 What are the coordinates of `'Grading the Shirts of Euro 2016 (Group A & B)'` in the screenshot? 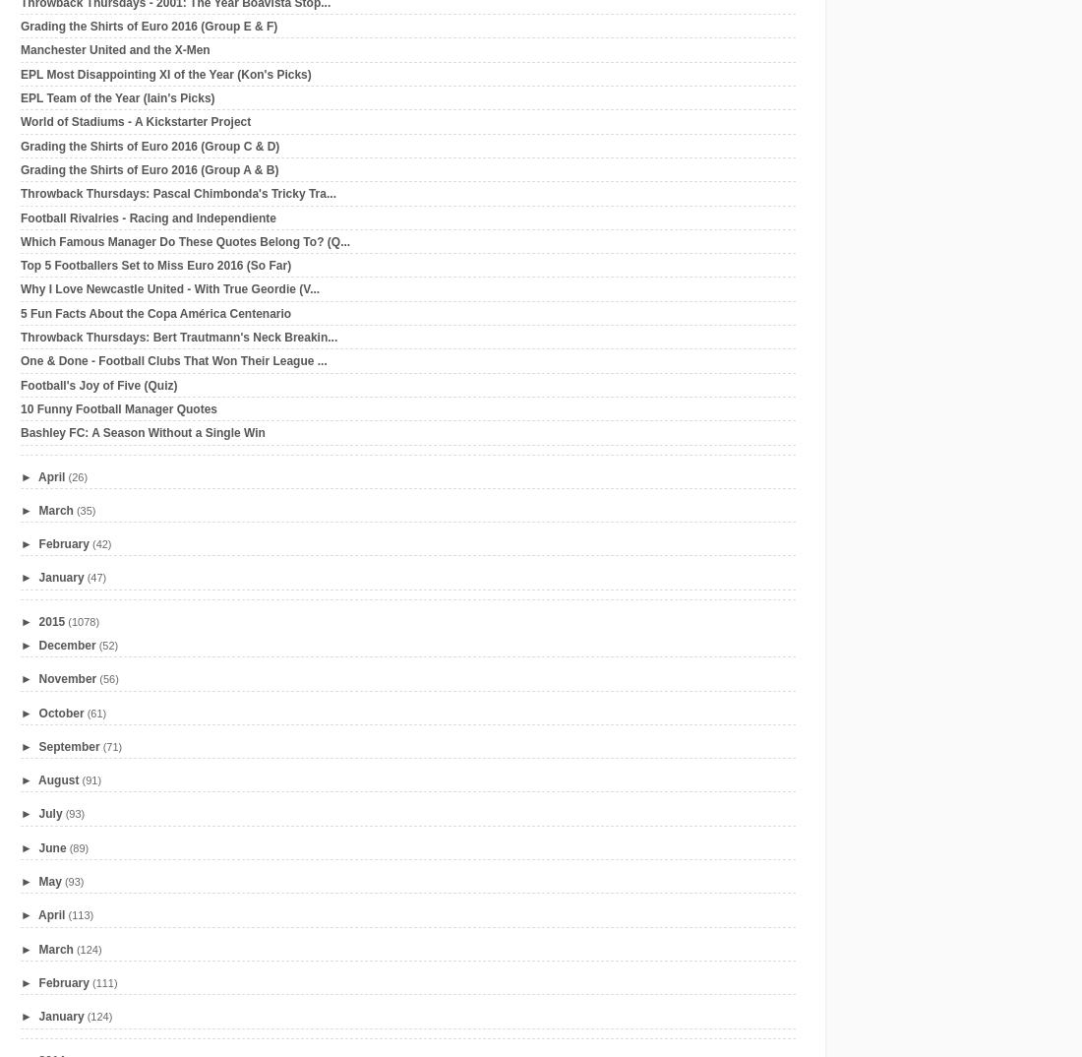 It's located at (149, 168).